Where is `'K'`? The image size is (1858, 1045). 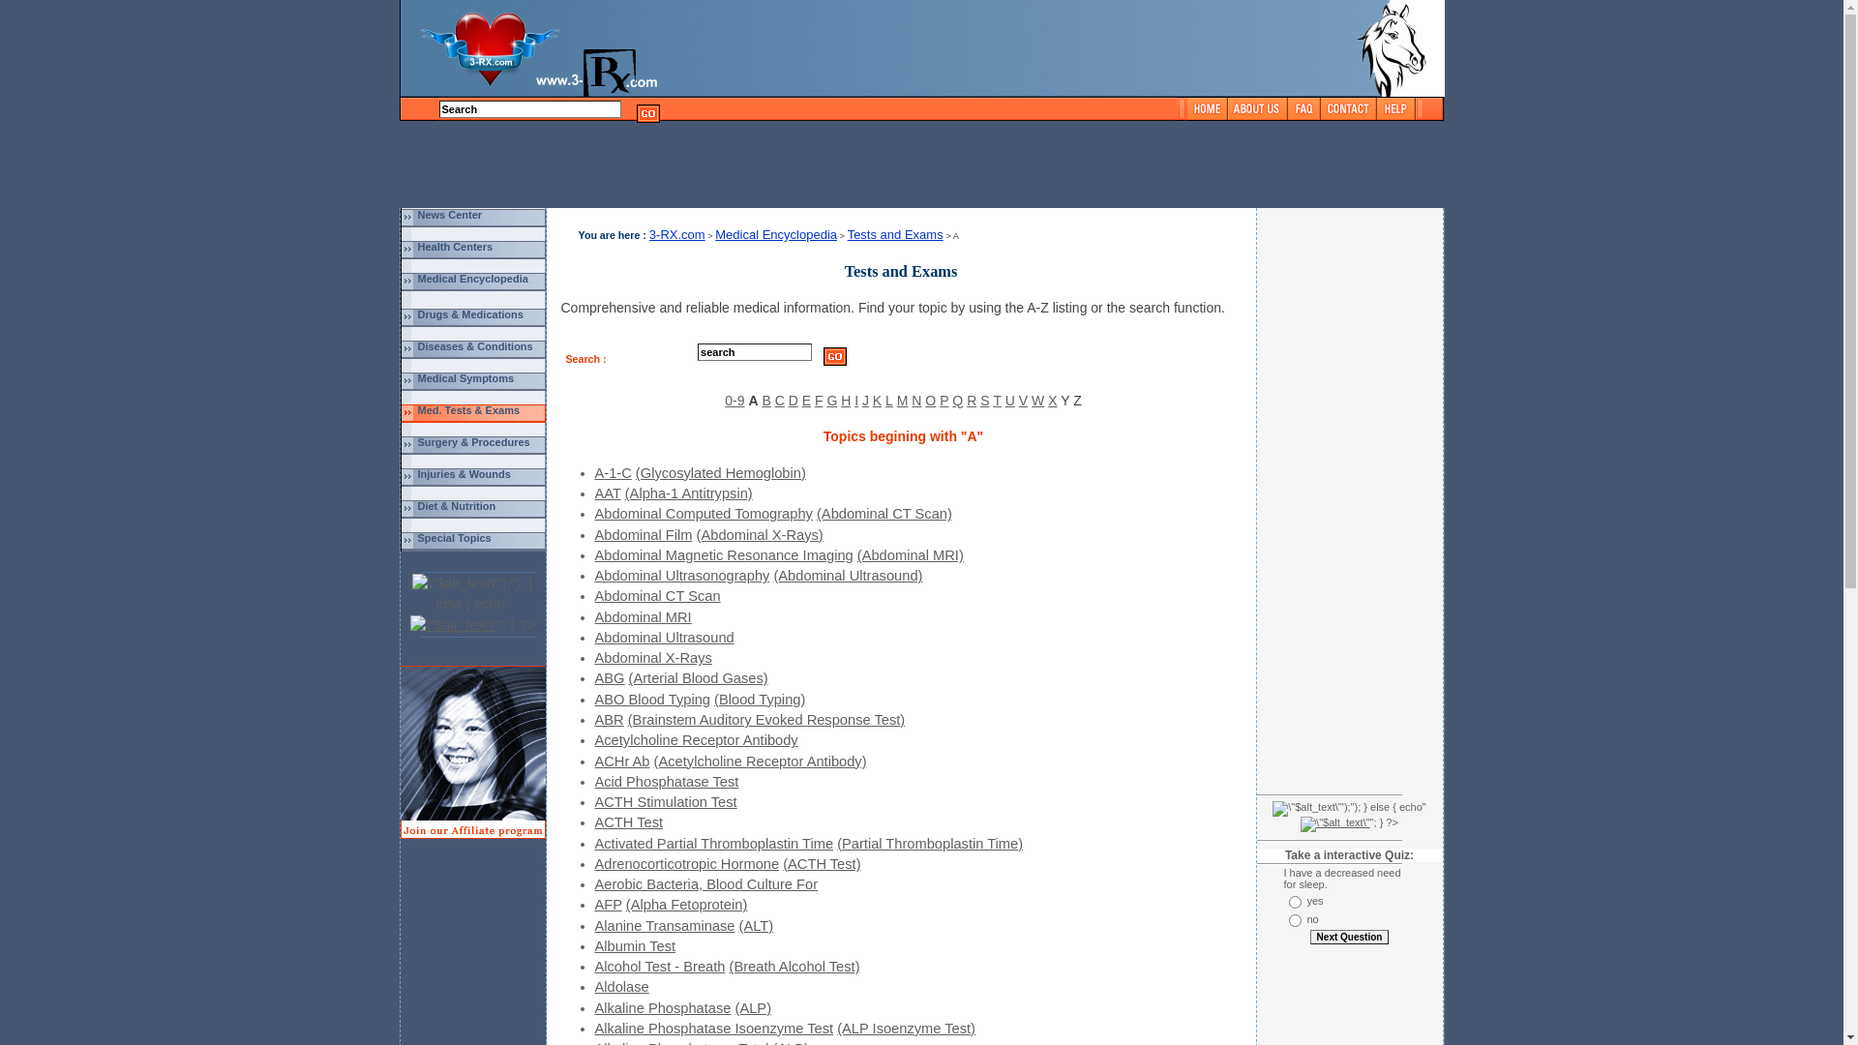
'K' is located at coordinates (876, 399).